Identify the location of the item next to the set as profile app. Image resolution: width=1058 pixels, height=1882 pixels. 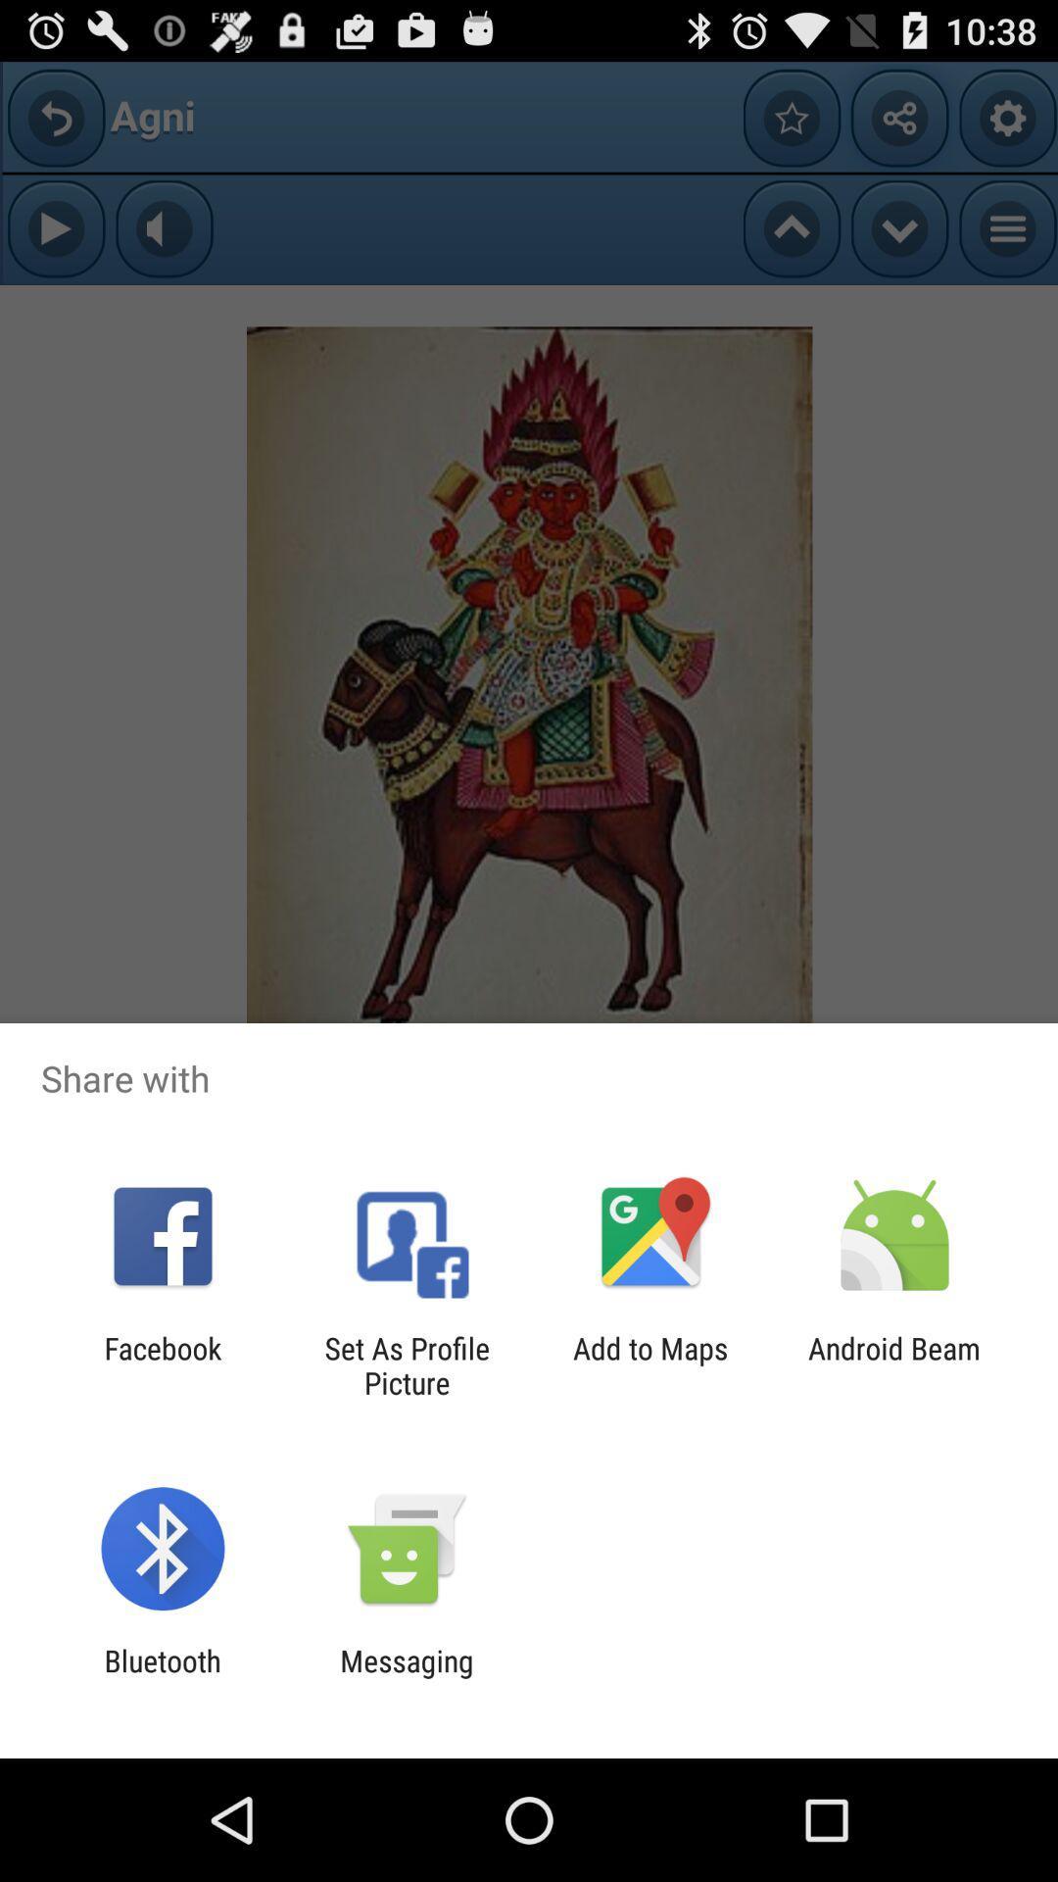
(162, 1364).